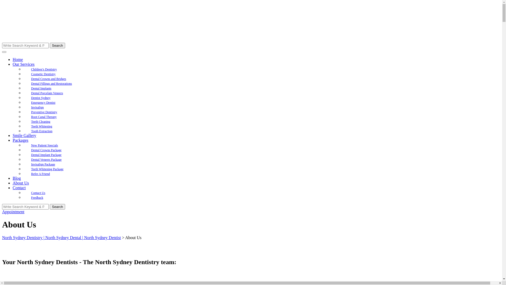 Image resolution: width=506 pixels, height=285 pixels. I want to click on 'Feedback', so click(37, 197).